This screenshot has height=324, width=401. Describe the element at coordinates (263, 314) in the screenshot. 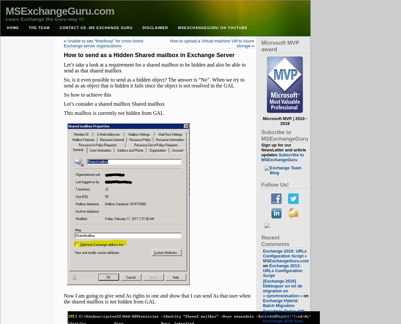

I see `'Sysadmin Today #38: Email Security'` at that location.